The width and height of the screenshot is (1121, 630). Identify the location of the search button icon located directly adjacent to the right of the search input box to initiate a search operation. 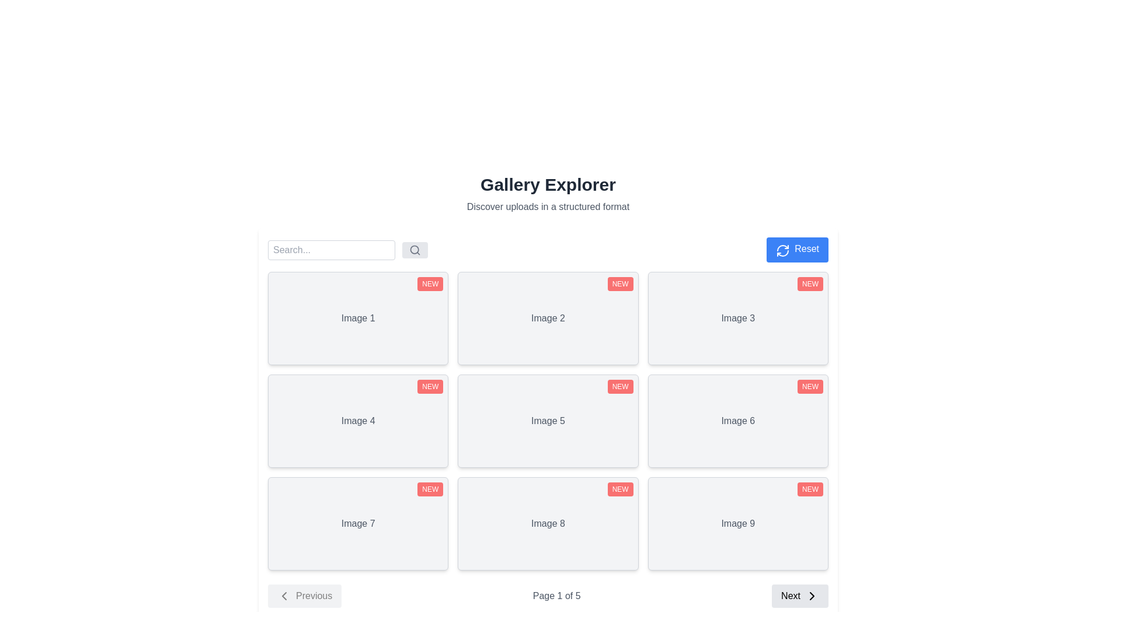
(415, 249).